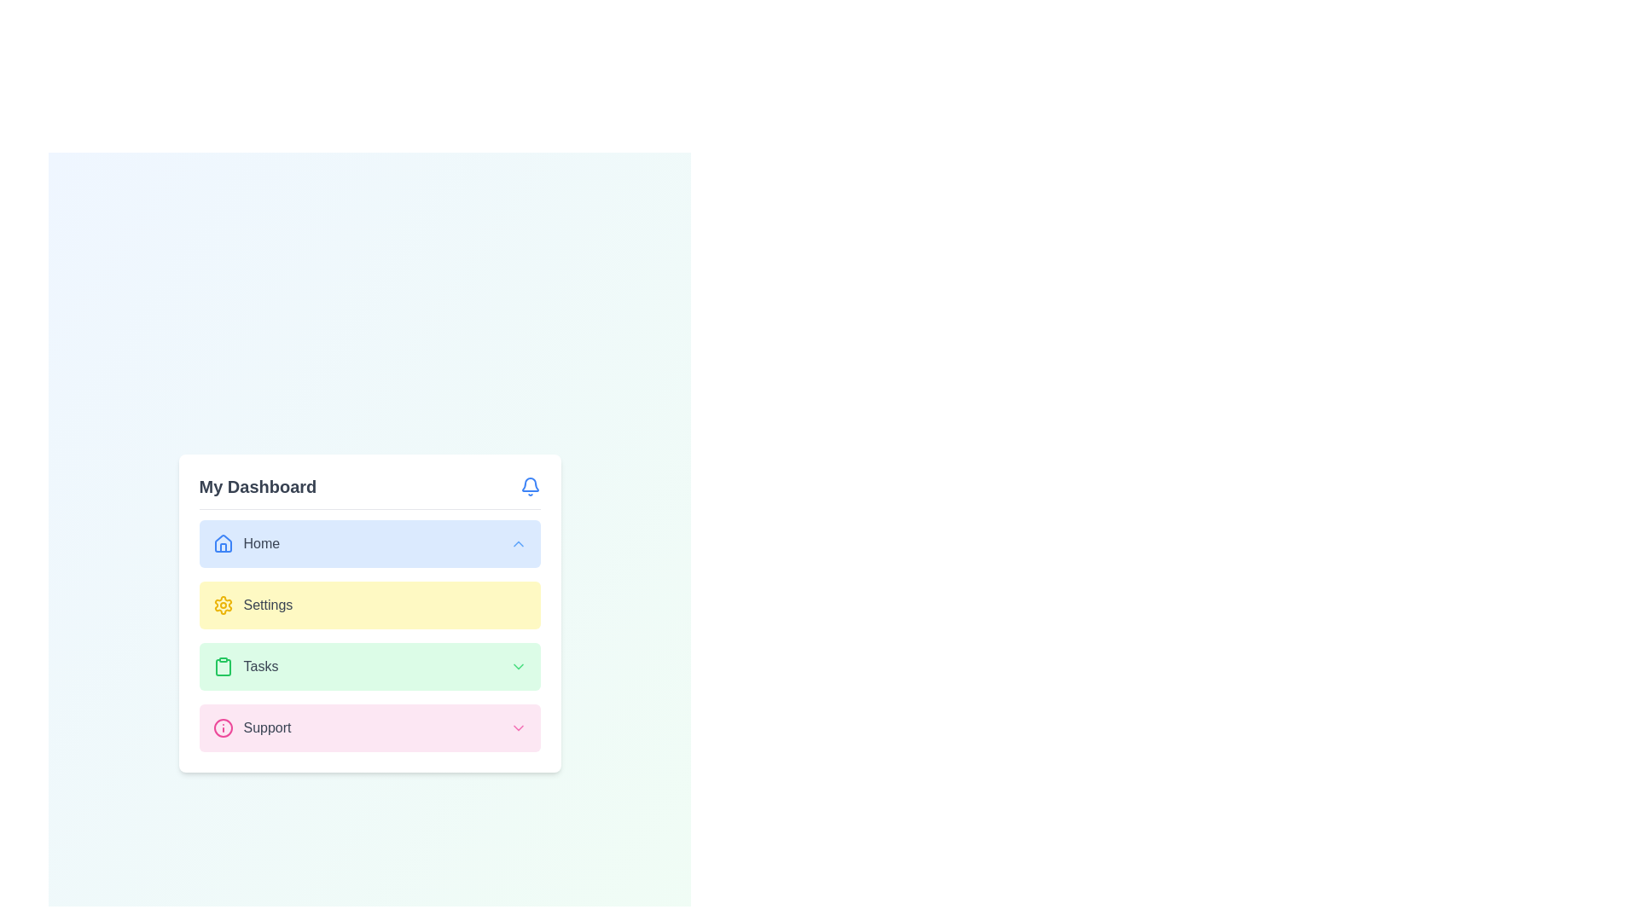 Image resolution: width=1638 pixels, height=921 pixels. Describe the element at coordinates (245, 543) in the screenshot. I see `the 'Home' text label and house icon pair` at that location.